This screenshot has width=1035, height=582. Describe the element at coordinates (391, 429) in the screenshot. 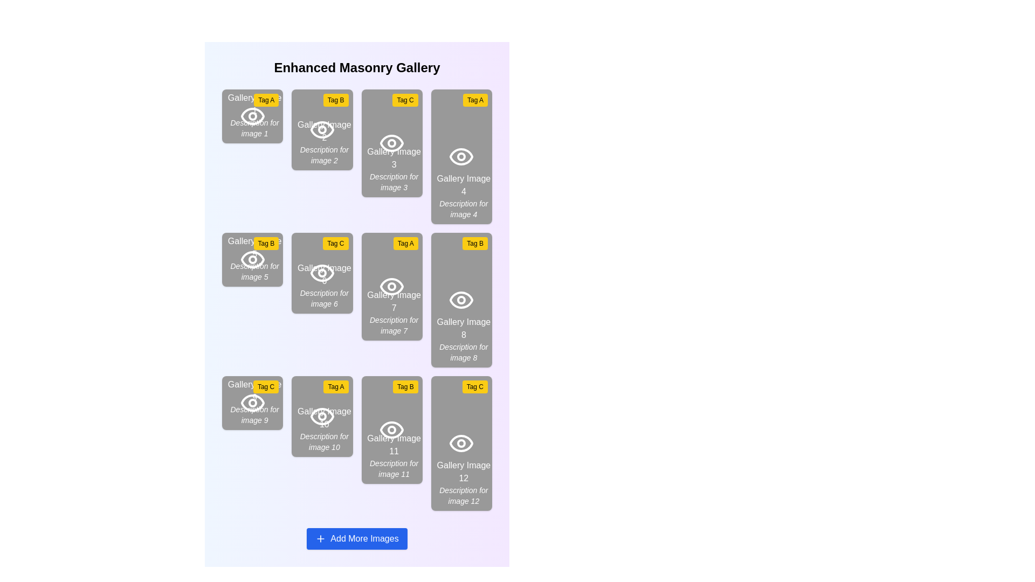

I see `the symbolic icon for preview located in the center of the card labeled 'Gallery Image 11' with tag 'Tag B'` at that location.